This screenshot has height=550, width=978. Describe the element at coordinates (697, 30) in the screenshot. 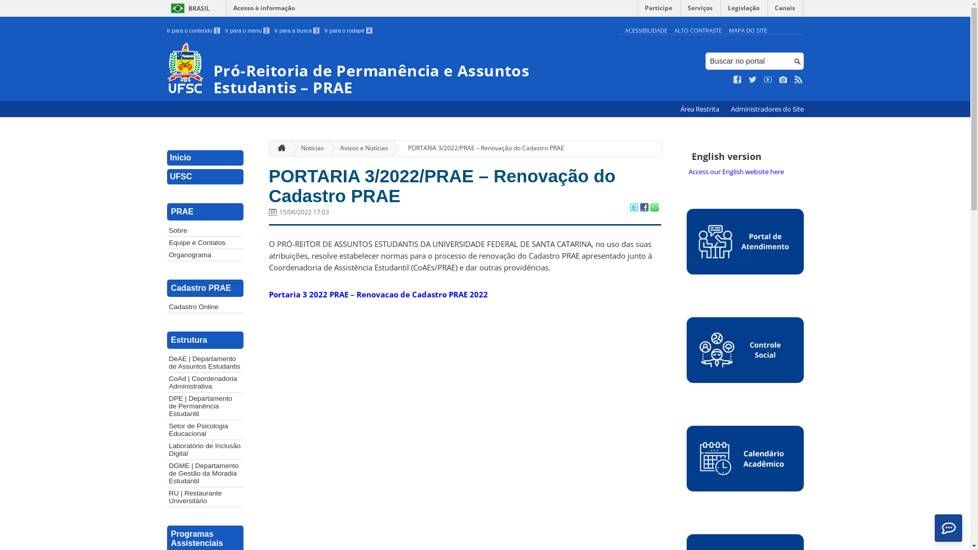

I see `'ALTO CONTRASTE'` at that location.